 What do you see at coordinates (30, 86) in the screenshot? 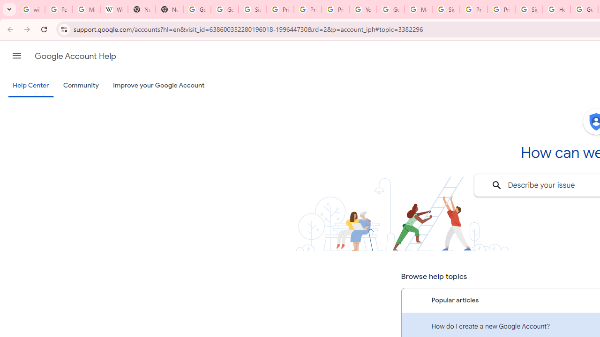
I see `'Help Center'` at bounding box center [30, 86].